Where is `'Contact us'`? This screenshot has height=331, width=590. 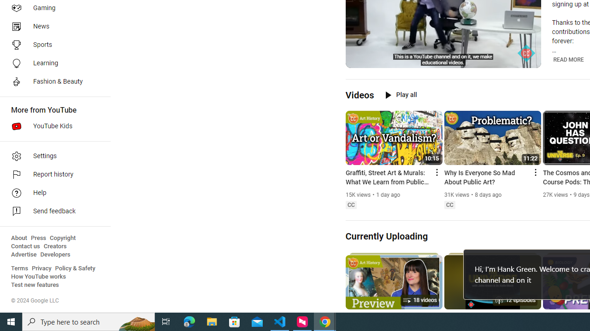 'Contact us' is located at coordinates (25, 246).